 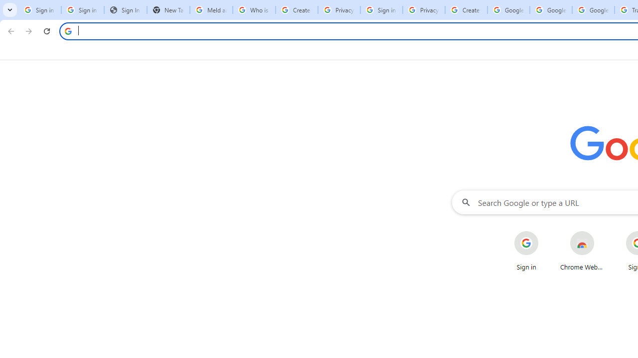 What do you see at coordinates (168, 10) in the screenshot?
I see `'New Tab'` at bounding box center [168, 10].